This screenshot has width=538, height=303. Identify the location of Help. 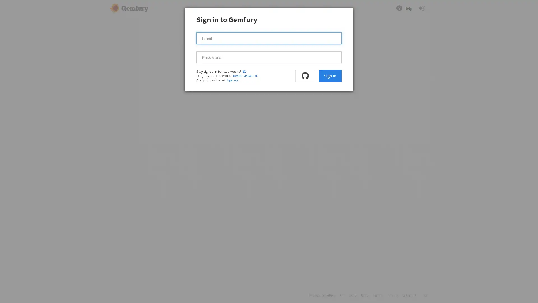
(404, 8).